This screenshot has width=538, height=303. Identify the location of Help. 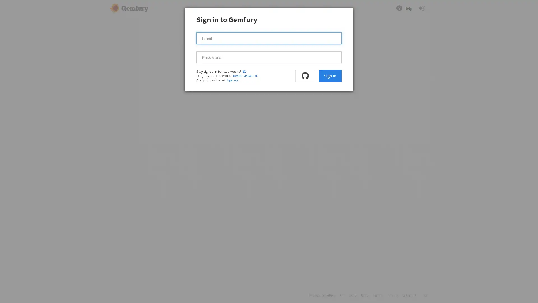
(404, 8).